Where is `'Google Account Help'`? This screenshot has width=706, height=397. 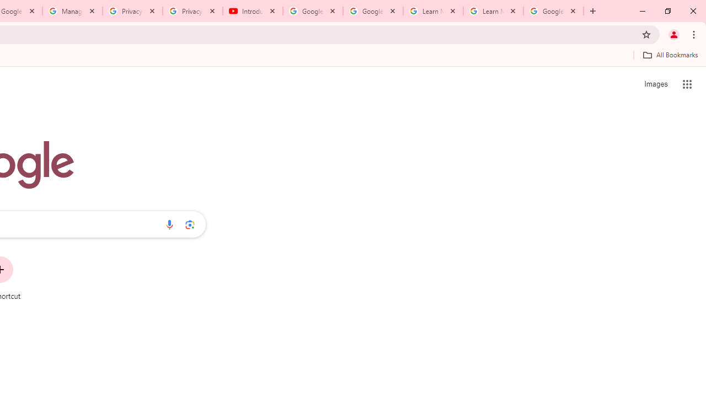
'Google Account Help' is located at coordinates (373, 11).